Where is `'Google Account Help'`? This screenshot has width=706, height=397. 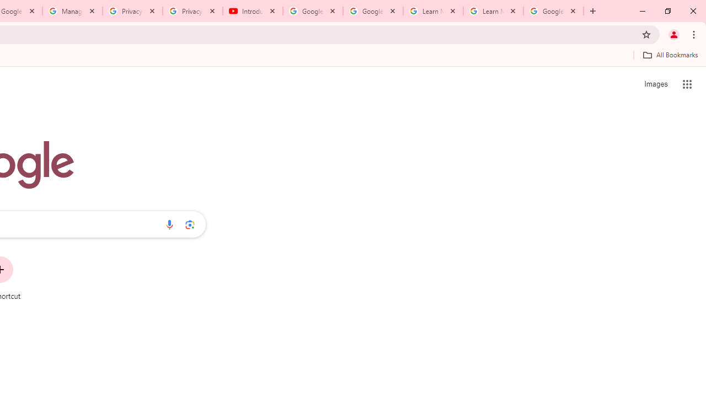
'Google Account Help' is located at coordinates (373, 11).